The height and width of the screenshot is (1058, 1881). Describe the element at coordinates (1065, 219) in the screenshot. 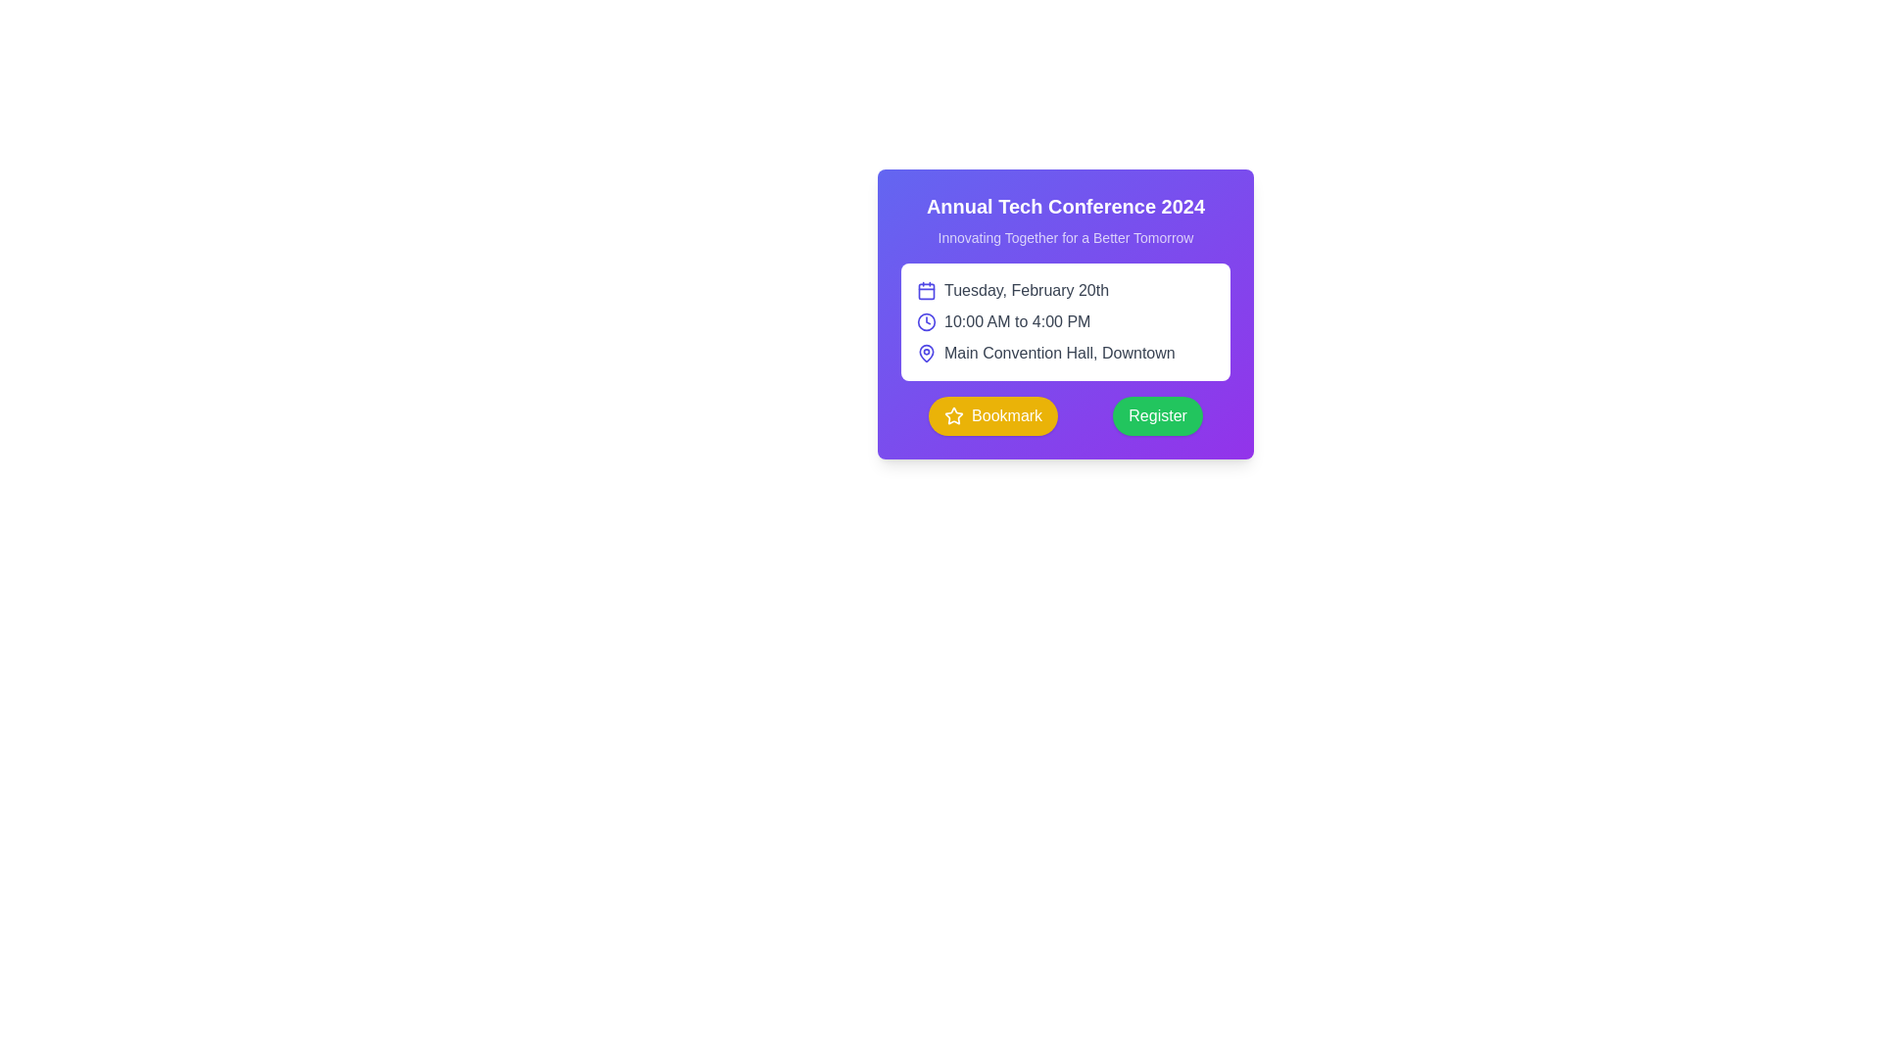

I see `the text block containing the multi-line heading 'Annual Tech Conference 2024' for accessibility tools, located at the top-central section of the card layout` at that location.